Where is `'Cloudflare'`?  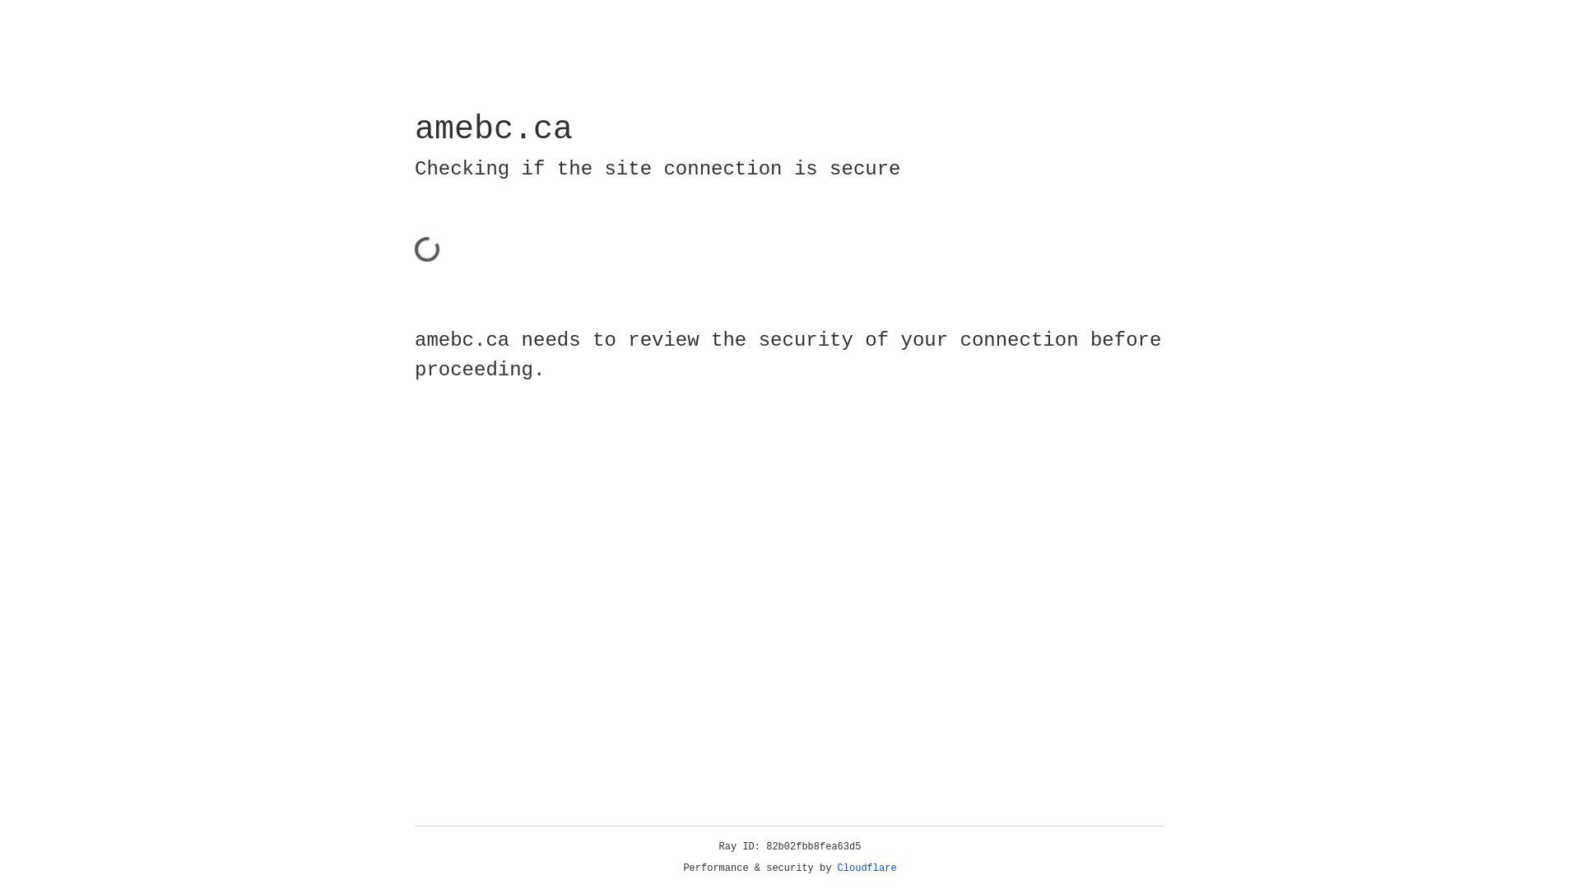
'Cloudflare' is located at coordinates (867, 868).